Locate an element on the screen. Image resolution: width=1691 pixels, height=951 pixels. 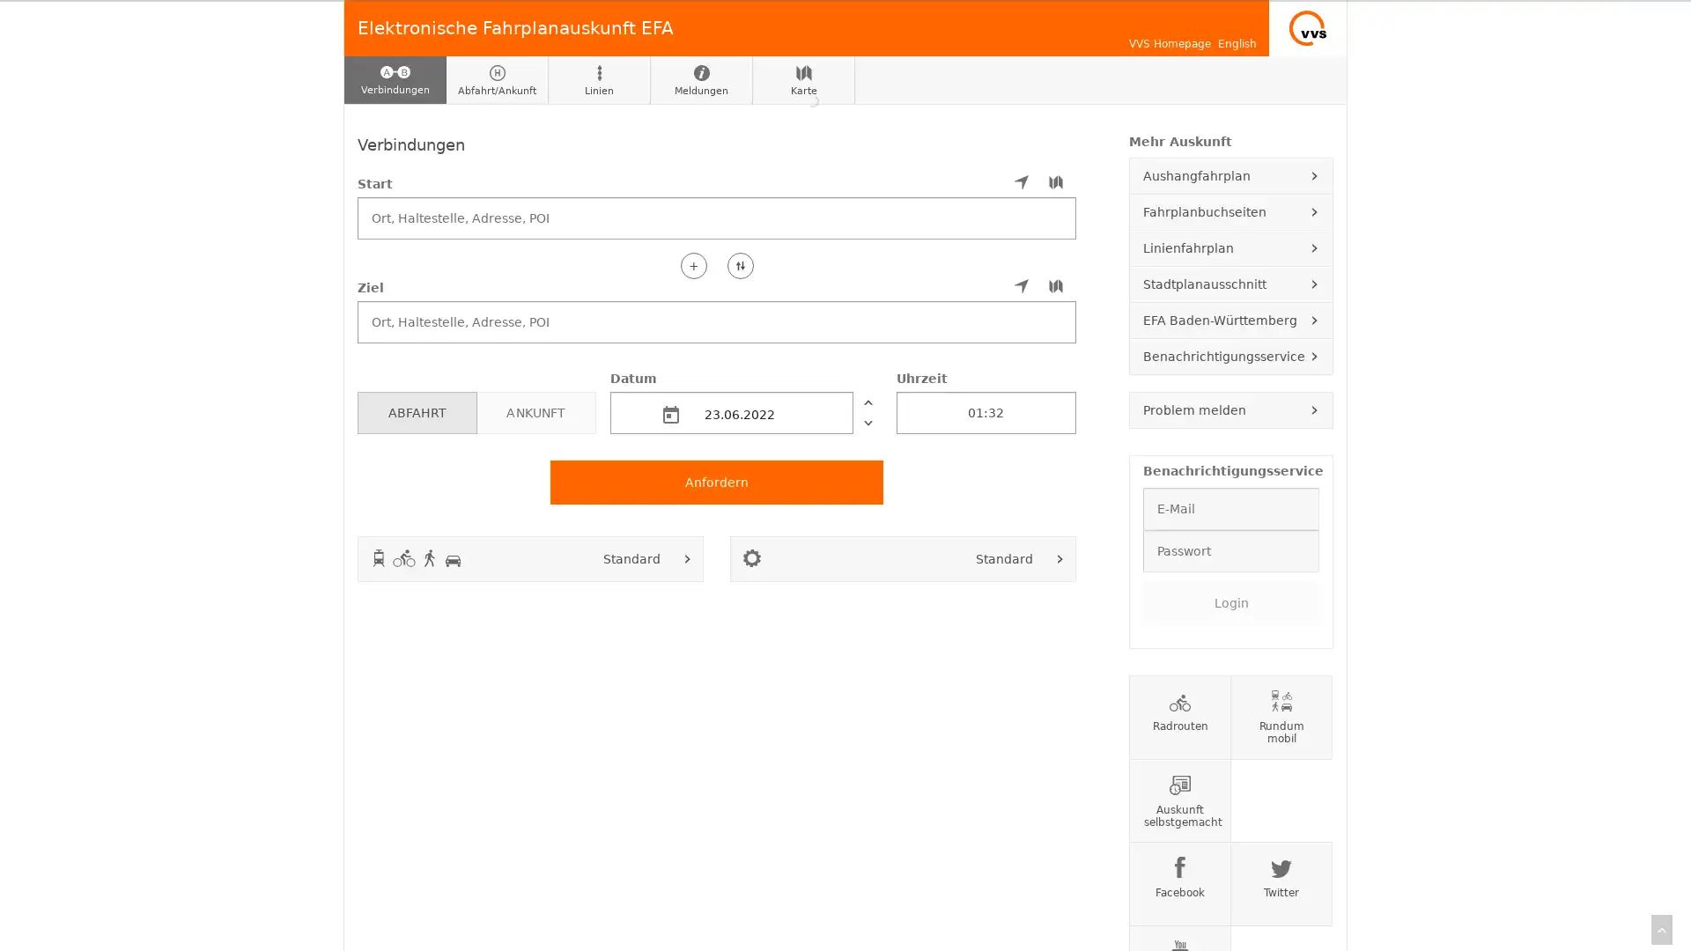
Meldungen is located at coordinates (700, 80).